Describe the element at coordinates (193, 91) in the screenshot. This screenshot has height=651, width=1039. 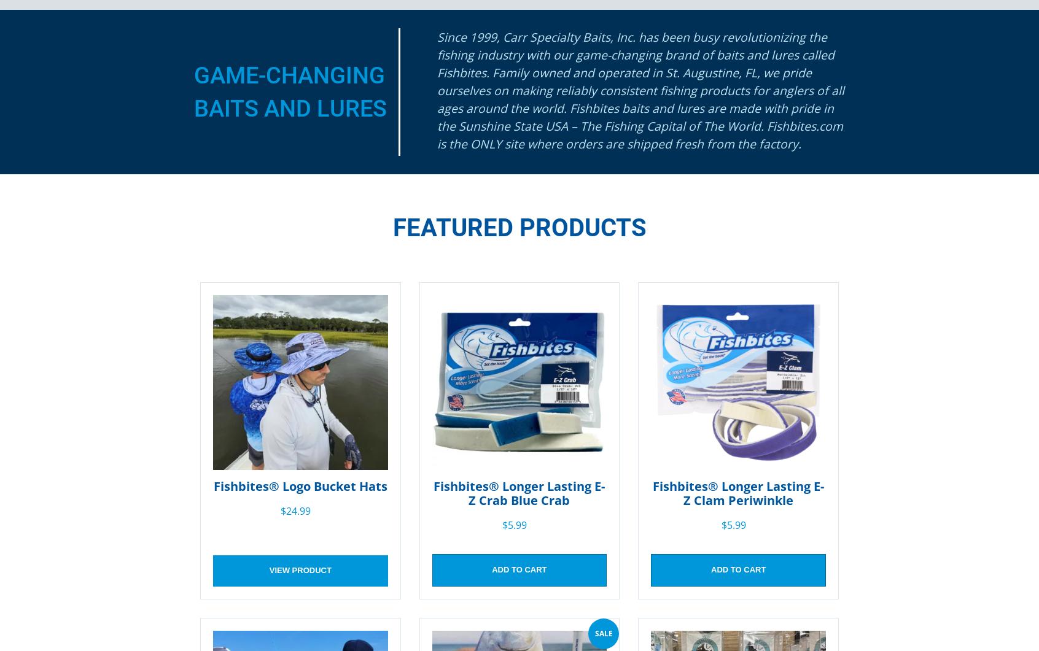
I see `'Game-Changing Baits and Lures'` at that location.